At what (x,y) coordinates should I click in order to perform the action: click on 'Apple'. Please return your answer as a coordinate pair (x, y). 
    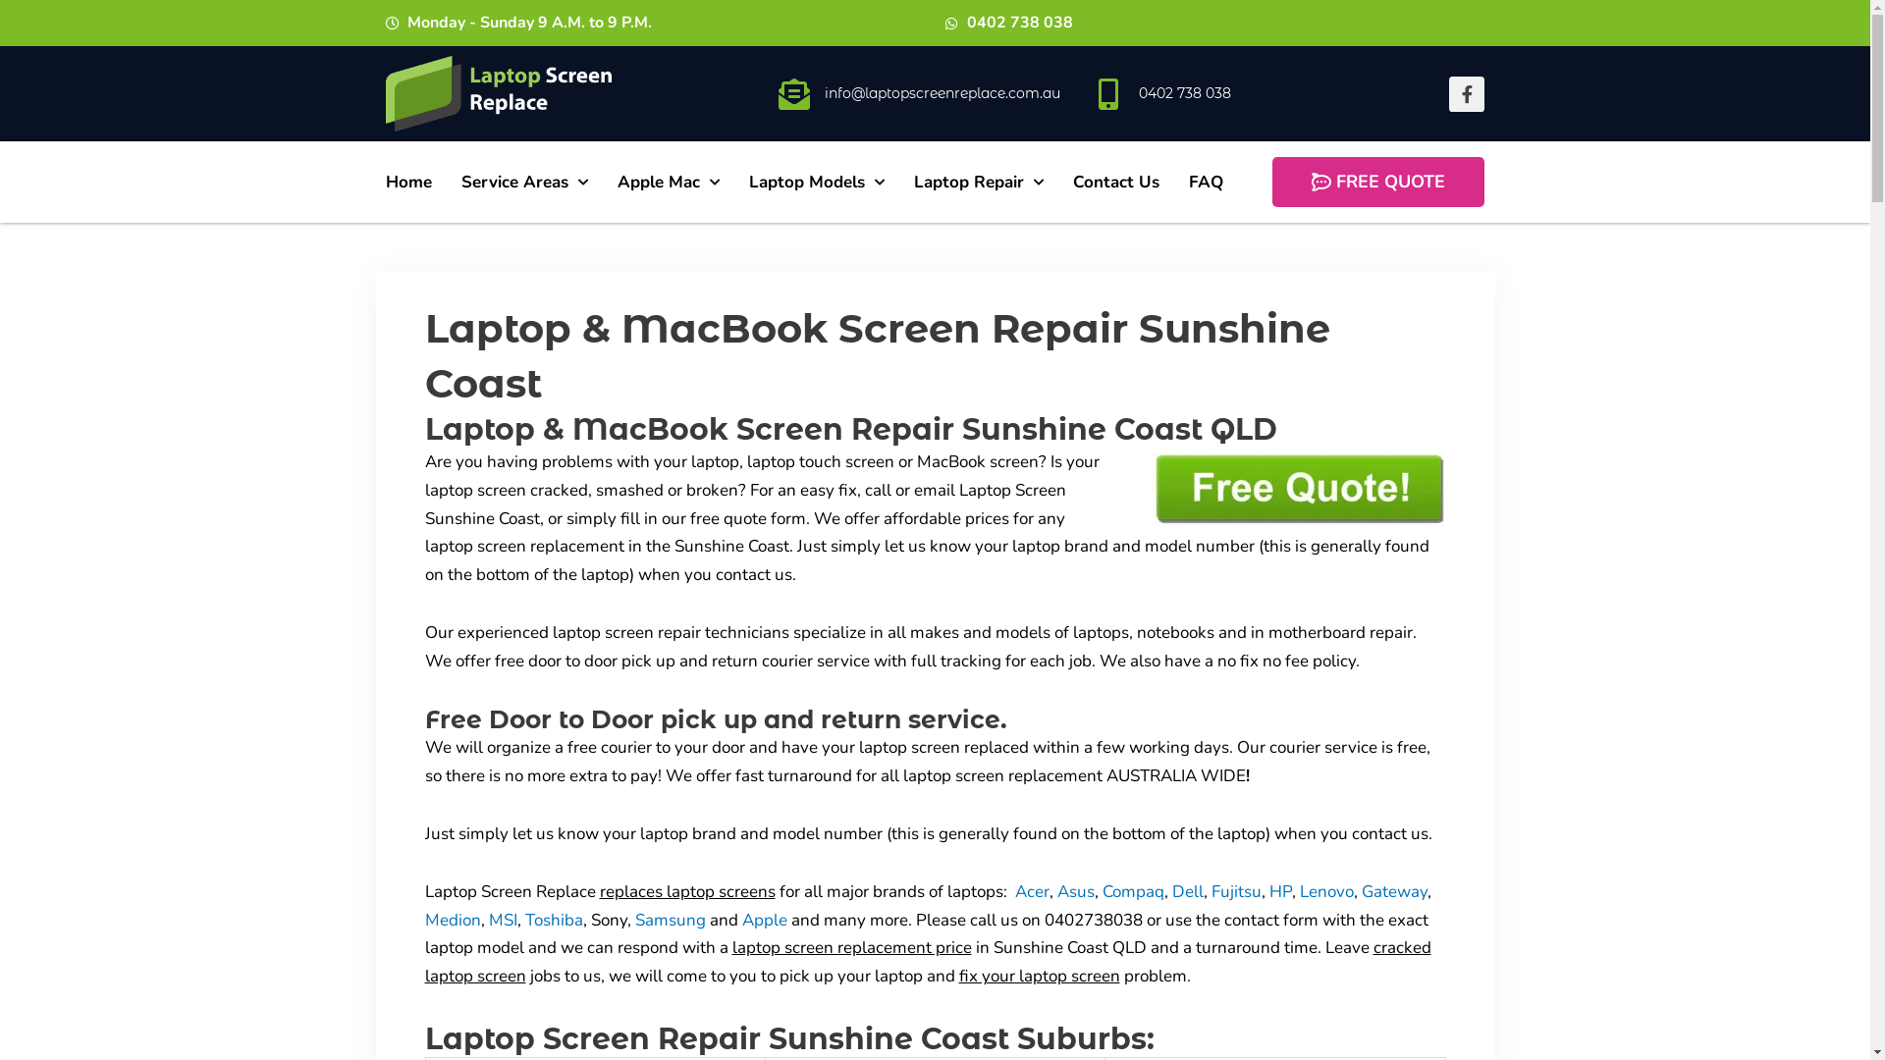
    Looking at the image, I should click on (740, 920).